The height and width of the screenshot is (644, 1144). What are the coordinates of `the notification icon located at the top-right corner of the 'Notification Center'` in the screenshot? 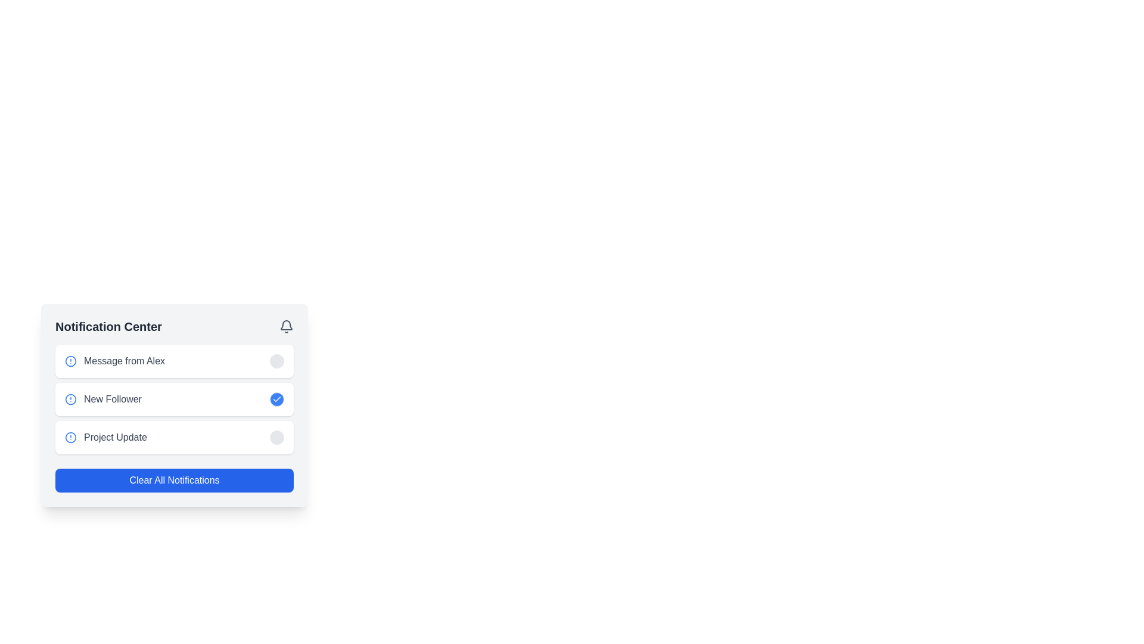 It's located at (286, 326).